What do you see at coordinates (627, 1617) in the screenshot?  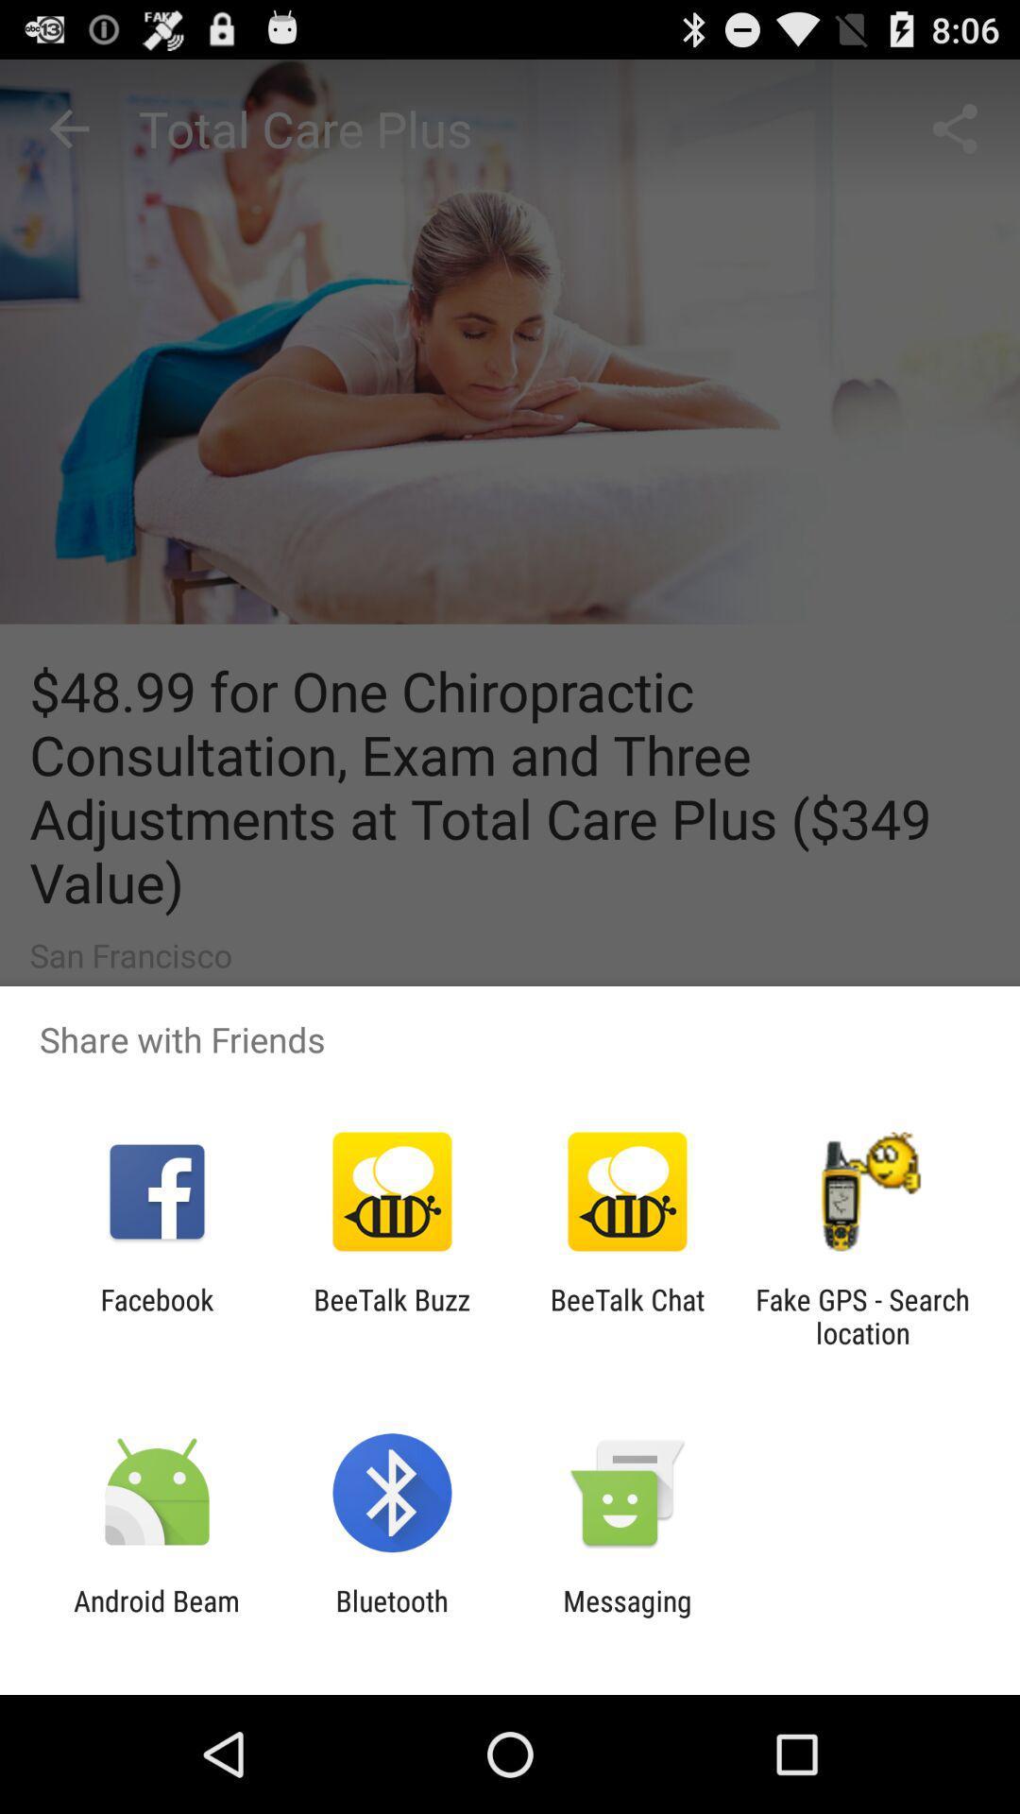 I see `app next to bluetooth` at bounding box center [627, 1617].